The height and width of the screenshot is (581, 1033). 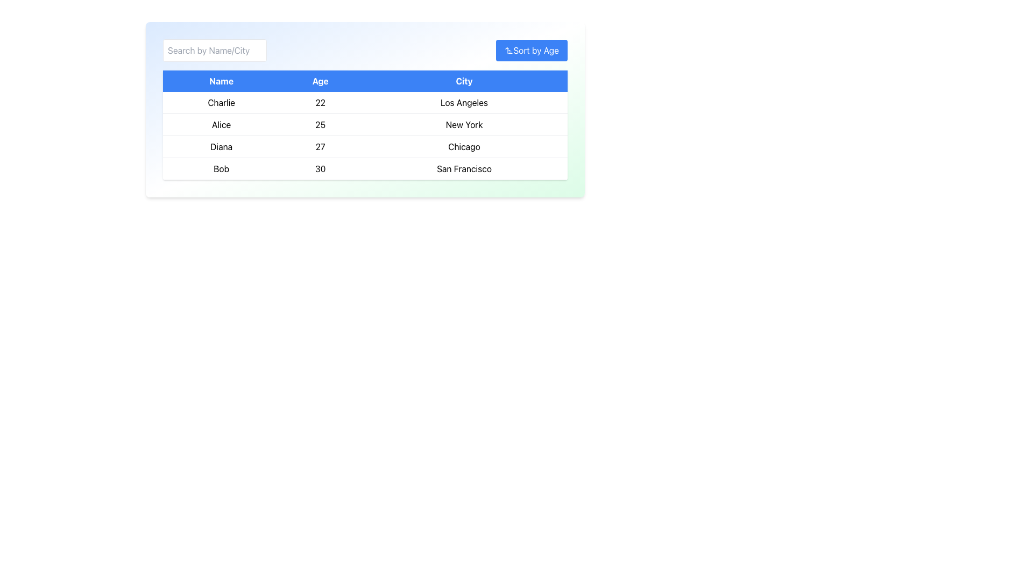 I want to click on the text label displaying the number '30' in bold black, located in the 'Age' column under the row labeled 'Bob', so click(x=320, y=168).